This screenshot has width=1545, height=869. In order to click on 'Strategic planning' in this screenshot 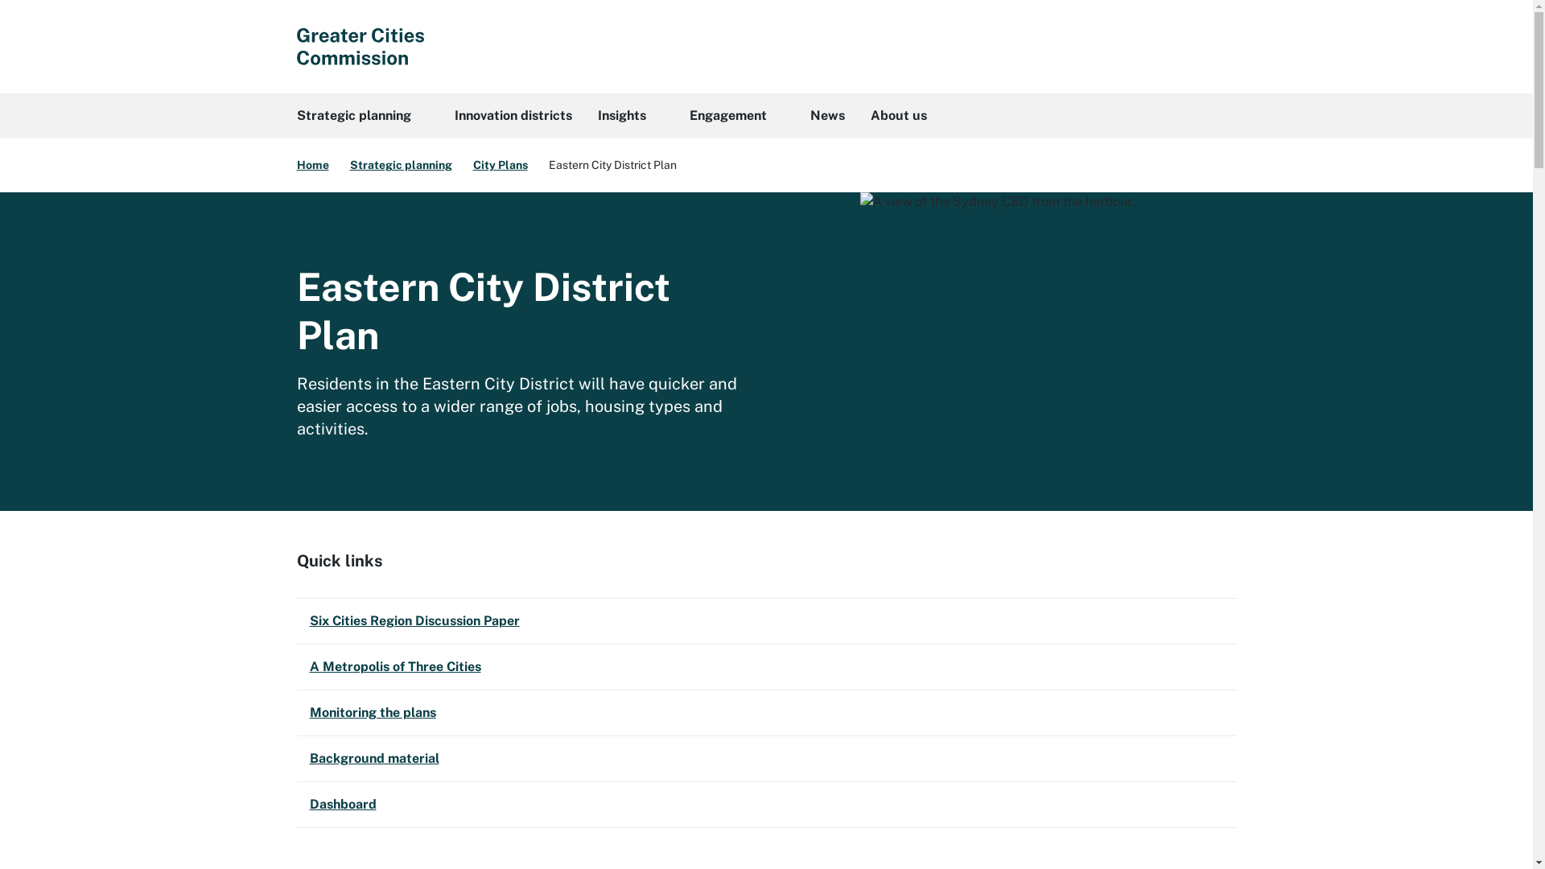, I will do `click(361, 114)`.